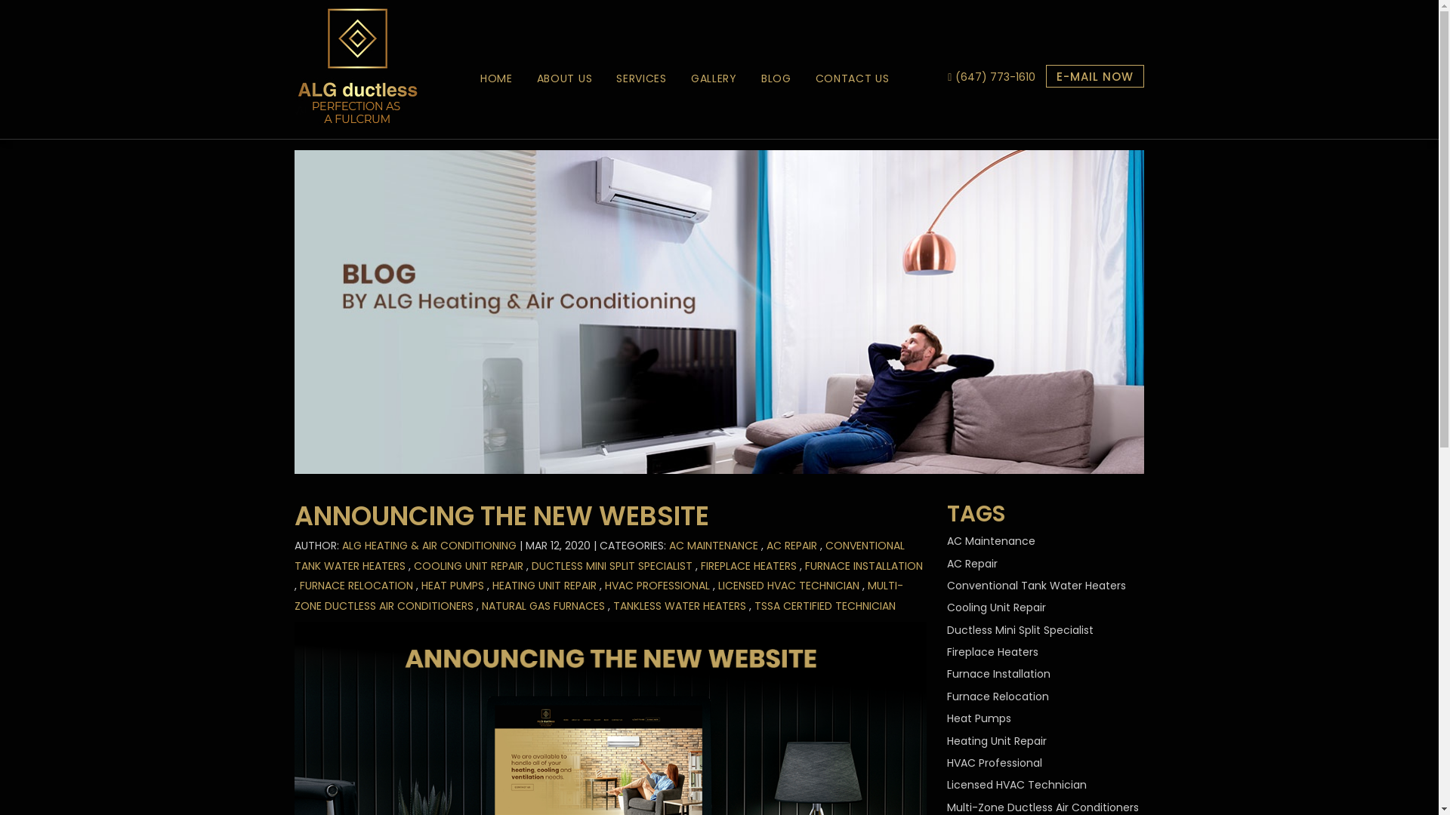  Describe the element at coordinates (641, 78) in the screenshot. I see `'SERVICES'` at that location.